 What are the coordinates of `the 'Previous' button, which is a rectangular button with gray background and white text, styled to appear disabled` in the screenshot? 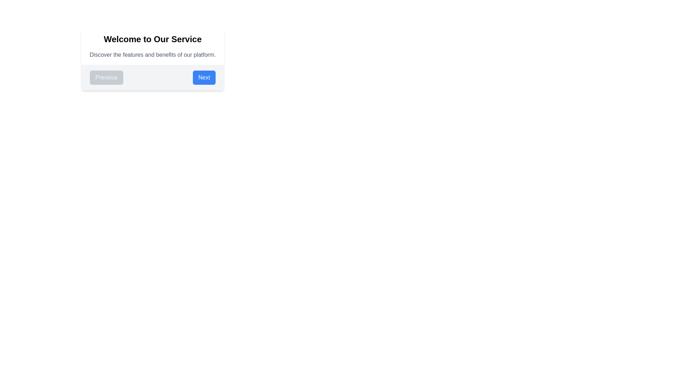 It's located at (106, 78).